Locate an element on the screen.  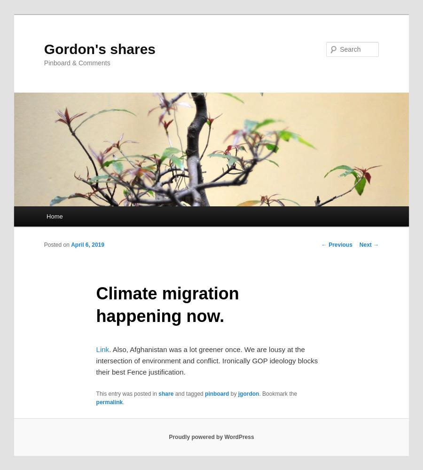
'Climate migration happening now.' is located at coordinates (96, 304).